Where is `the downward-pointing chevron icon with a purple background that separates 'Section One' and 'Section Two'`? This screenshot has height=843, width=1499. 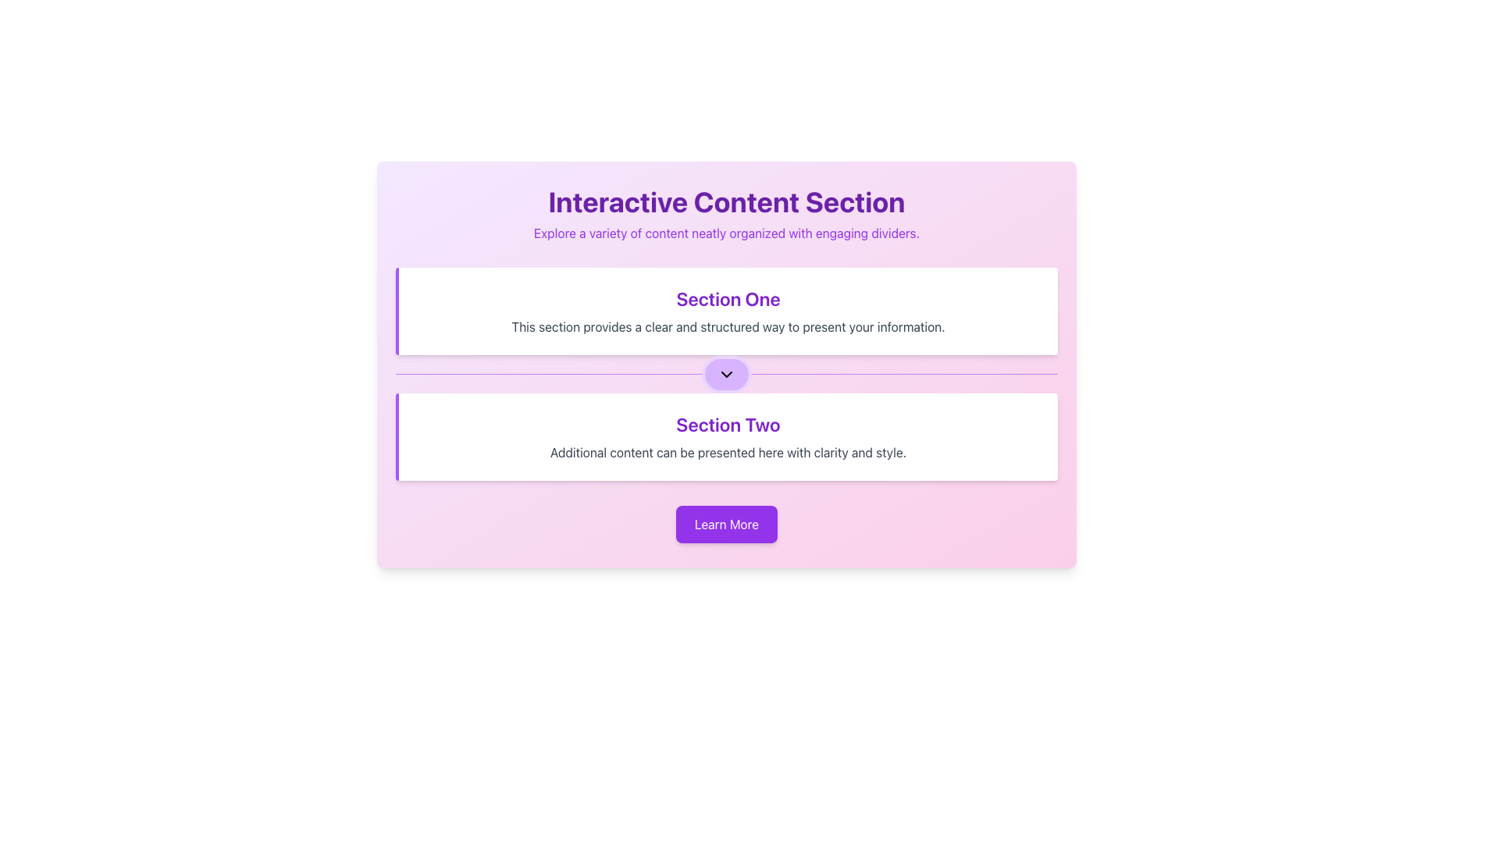 the downward-pointing chevron icon with a purple background that separates 'Section One' and 'Section Two' is located at coordinates (726, 374).